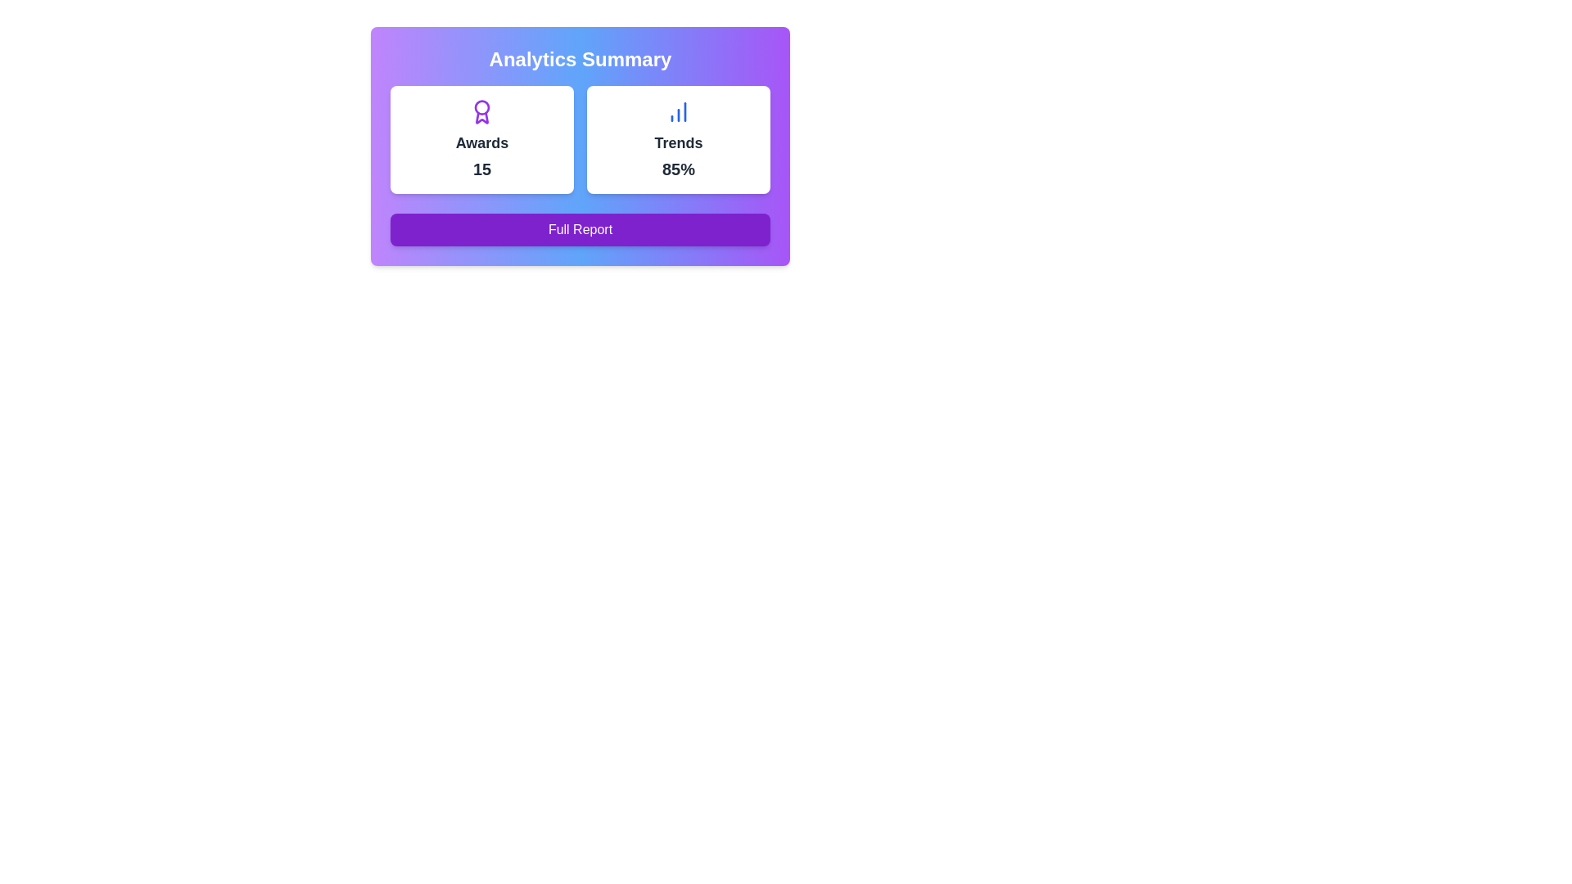 This screenshot has width=1572, height=884. I want to click on the static text element that represents a percentage value, located within the card below the 'Trends' label, so click(679, 169).